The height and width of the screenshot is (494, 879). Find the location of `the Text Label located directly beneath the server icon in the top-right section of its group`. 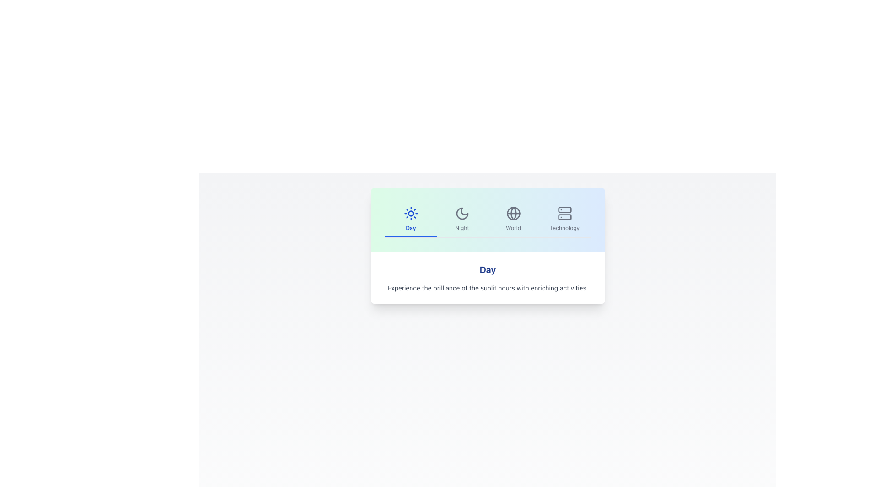

the Text Label located directly beneath the server icon in the top-right section of its group is located at coordinates (564, 227).